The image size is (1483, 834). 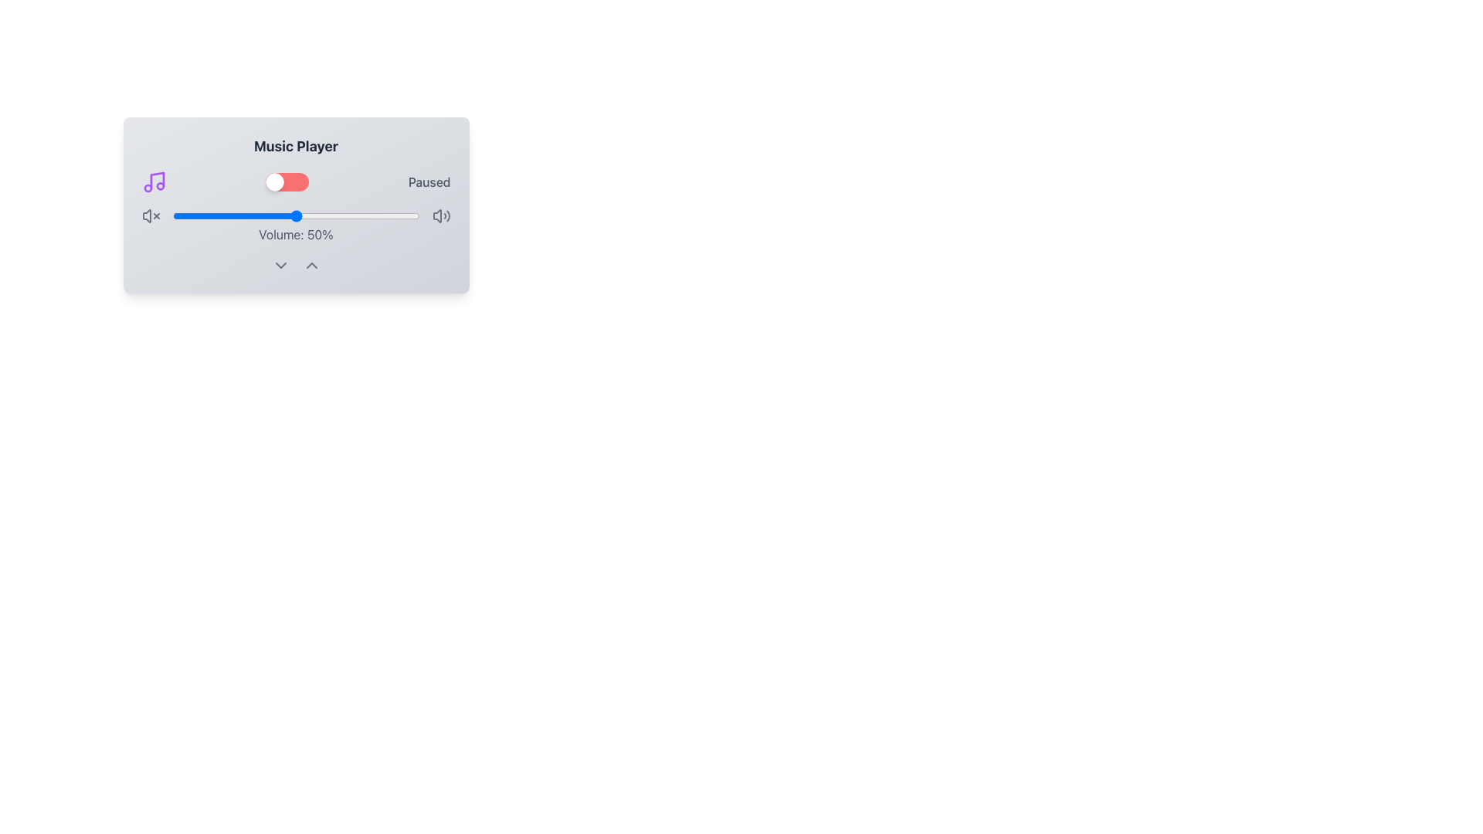 What do you see at coordinates (287, 181) in the screenshot?
I see `the horizontal toggle switch with a red background and a white circular knob` at bounding box center [287, 181].